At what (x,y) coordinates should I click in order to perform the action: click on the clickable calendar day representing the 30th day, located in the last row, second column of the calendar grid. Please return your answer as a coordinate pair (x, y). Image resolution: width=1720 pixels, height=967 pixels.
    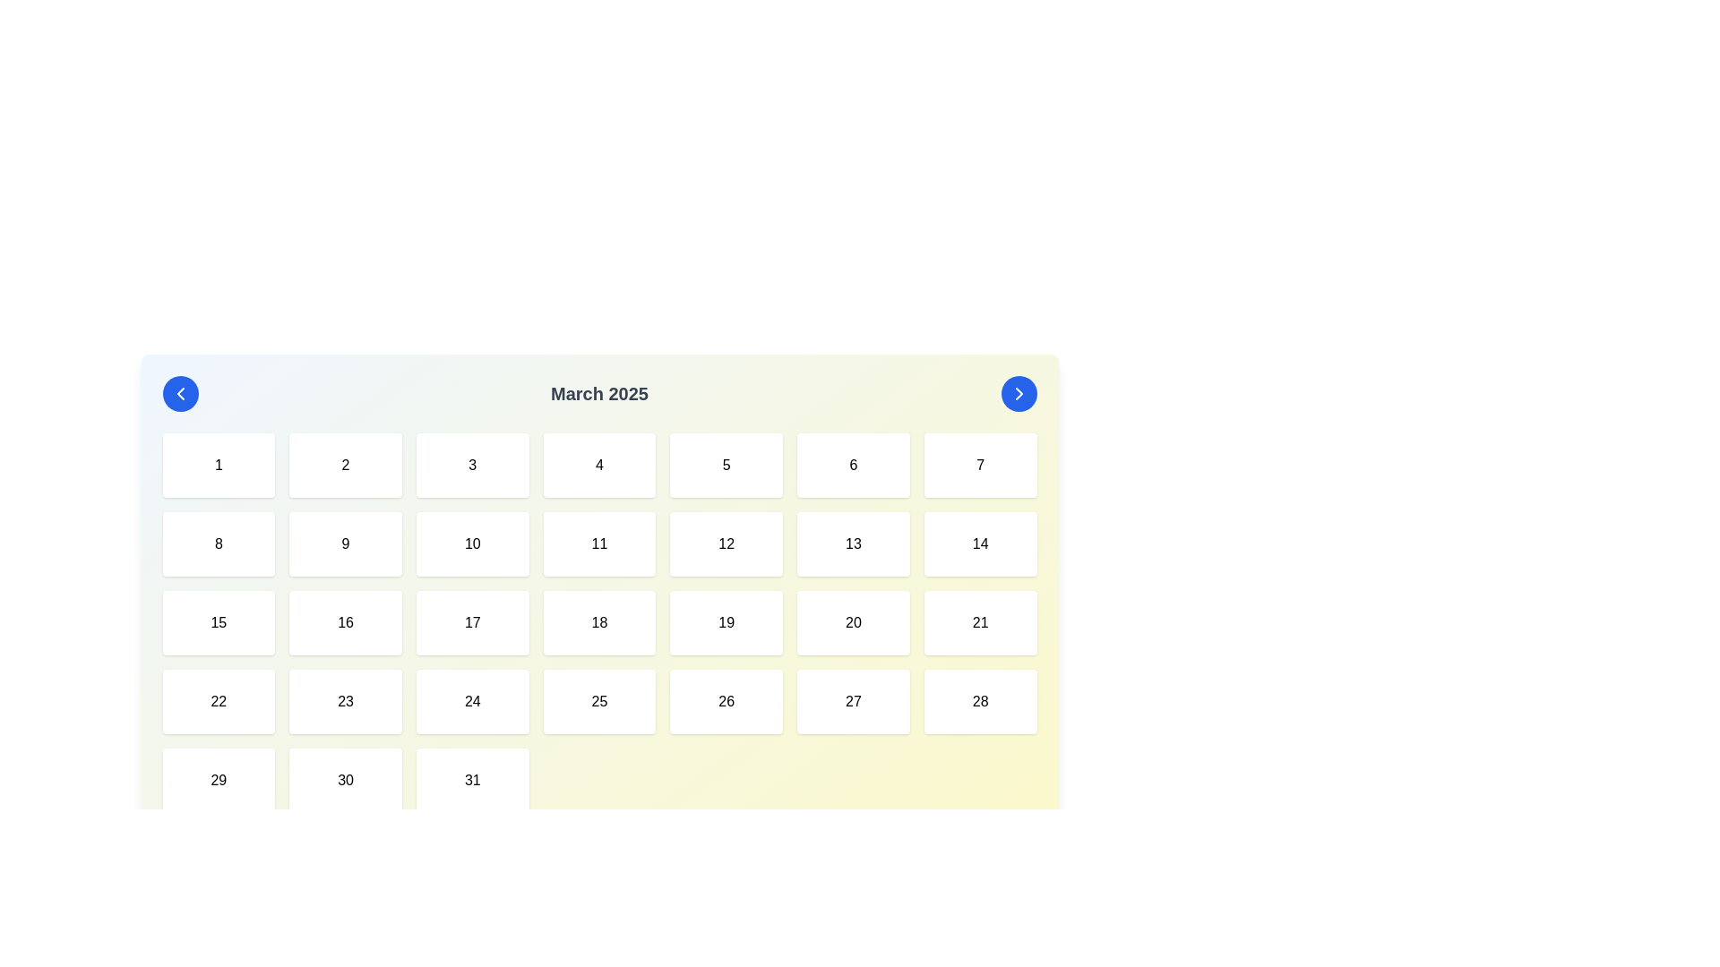
    Looking at the image, I should click on (346, 779).